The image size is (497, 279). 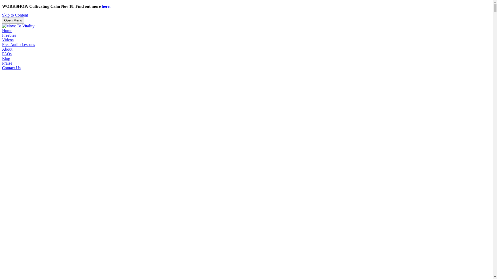 I want to click on 'Free Audio Lessons', so click(x=18, y=44).